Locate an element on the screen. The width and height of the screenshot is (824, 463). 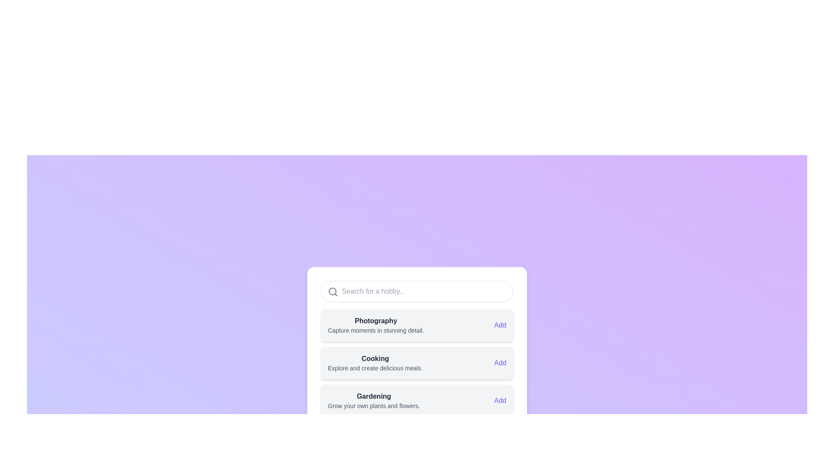
the Gardening hobby card, which is the third card in a vertical list, to change its background color is located at coordinates (417, 400).